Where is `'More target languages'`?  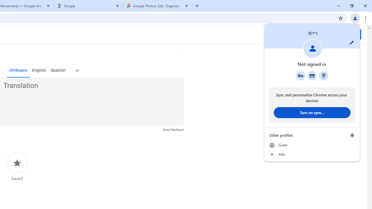 'More target languages' is located at coordinates (76, 70).